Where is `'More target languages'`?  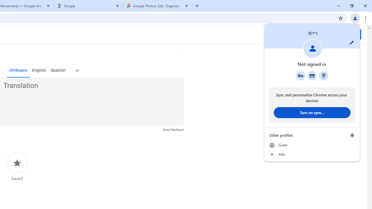 'More target languages' is located at coordinates (76, 70).